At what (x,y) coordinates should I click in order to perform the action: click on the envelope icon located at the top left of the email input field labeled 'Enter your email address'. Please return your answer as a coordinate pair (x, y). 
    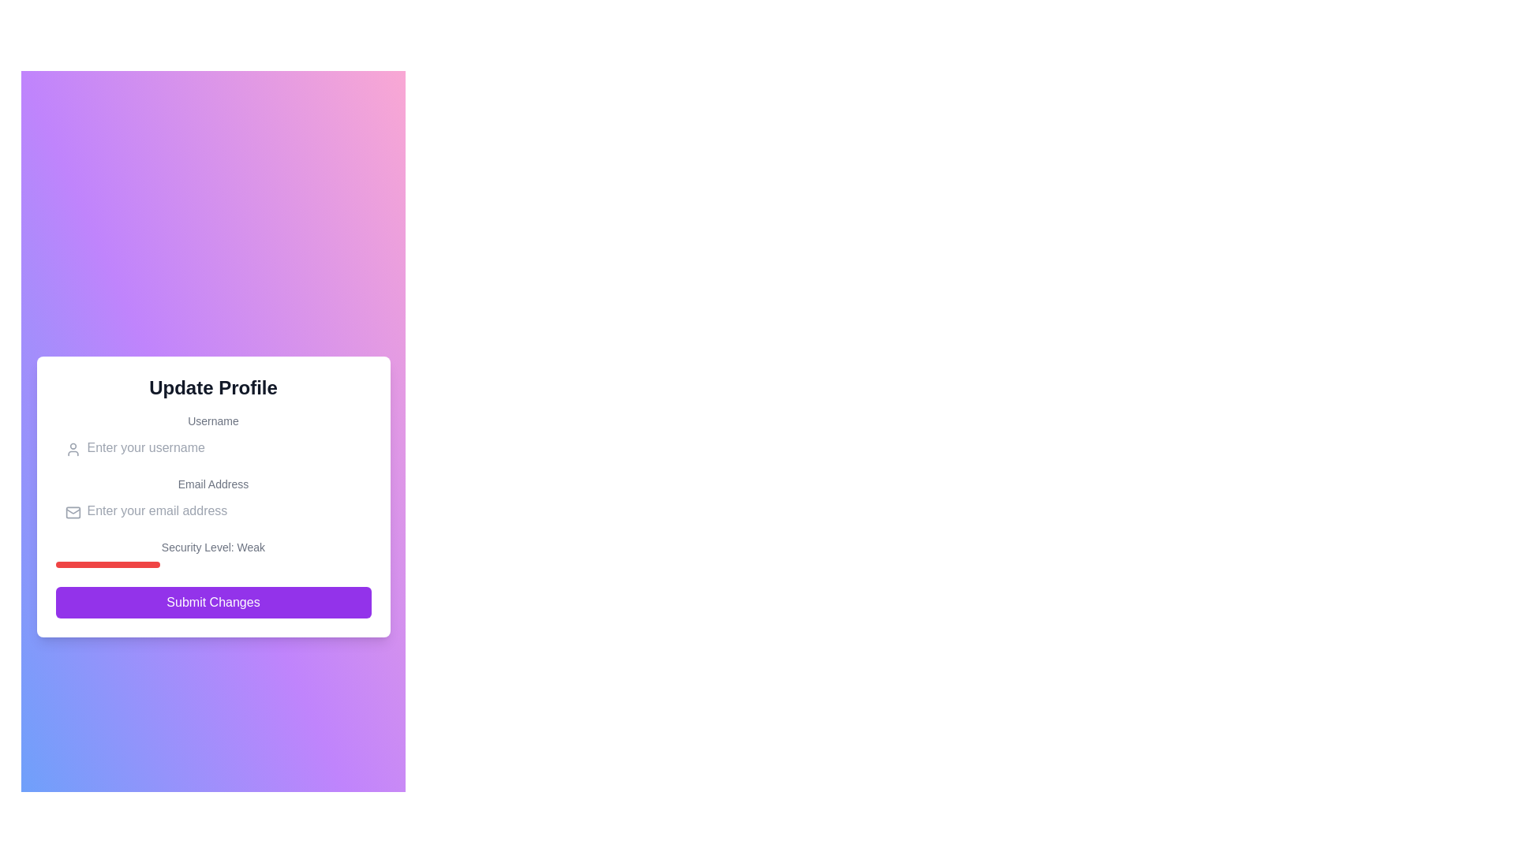
    Looking at the image, I should click on (72, 513).